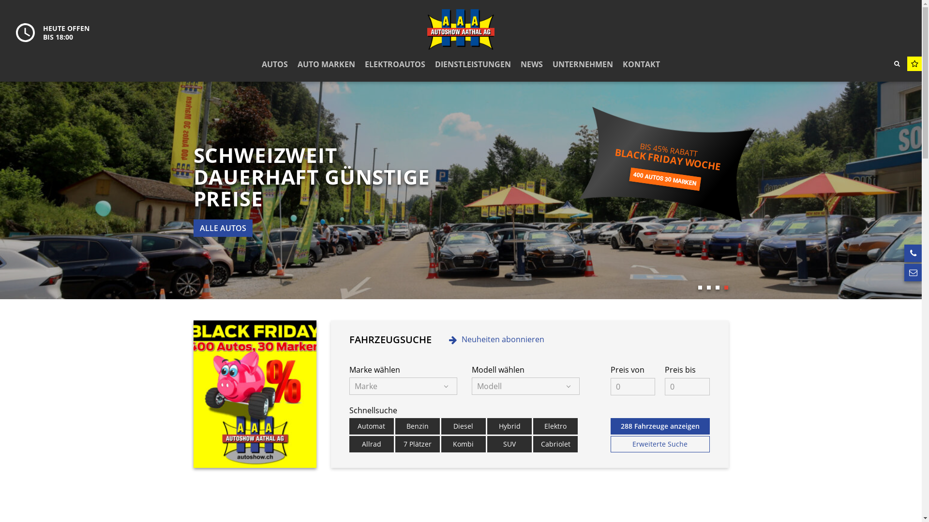 The width and height of the screenshot is (929, 522). Describe the element at coordinates (326, 64) in the screenshot. I see `'AUTO MARKEN'` at that location.